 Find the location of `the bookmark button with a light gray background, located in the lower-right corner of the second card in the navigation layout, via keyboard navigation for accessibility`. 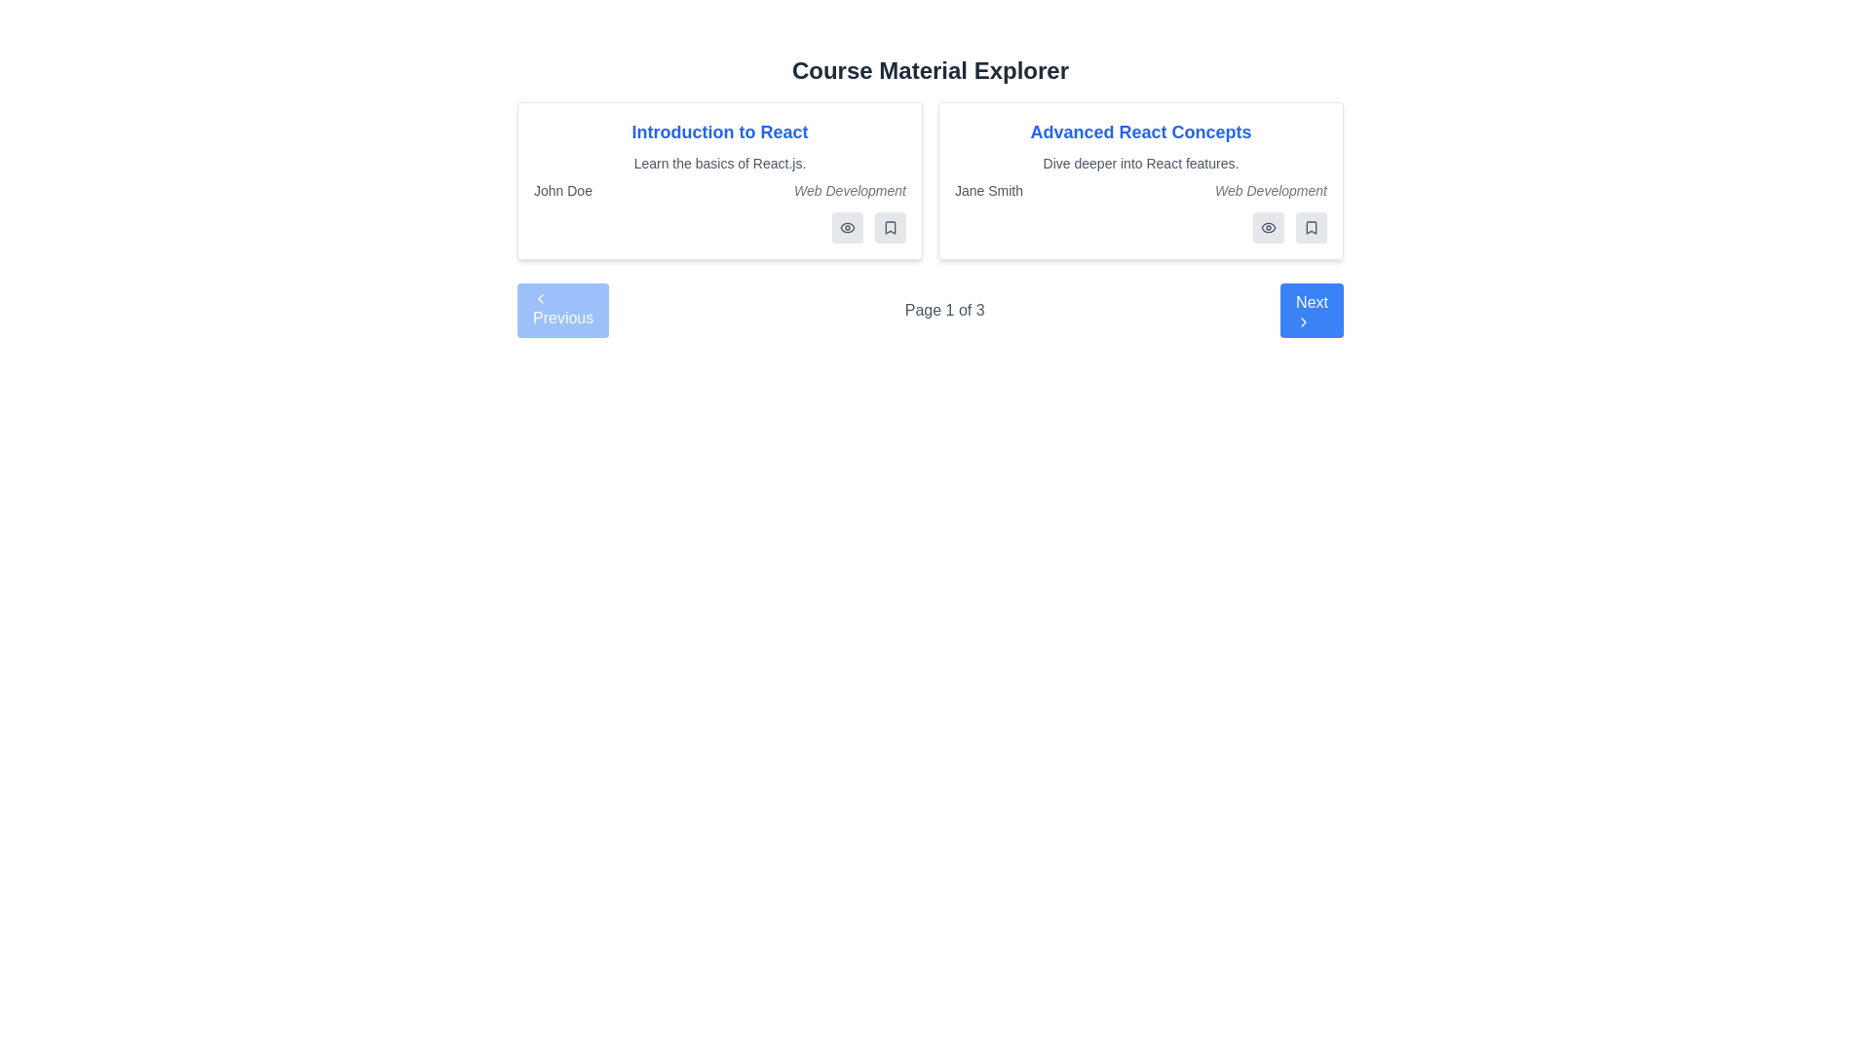

the bookmark button with a light gray background, located in the lower-right corner of the second card in the navigation layout, via keyboard navigation for accessibility is located at coordinates (889, 227).